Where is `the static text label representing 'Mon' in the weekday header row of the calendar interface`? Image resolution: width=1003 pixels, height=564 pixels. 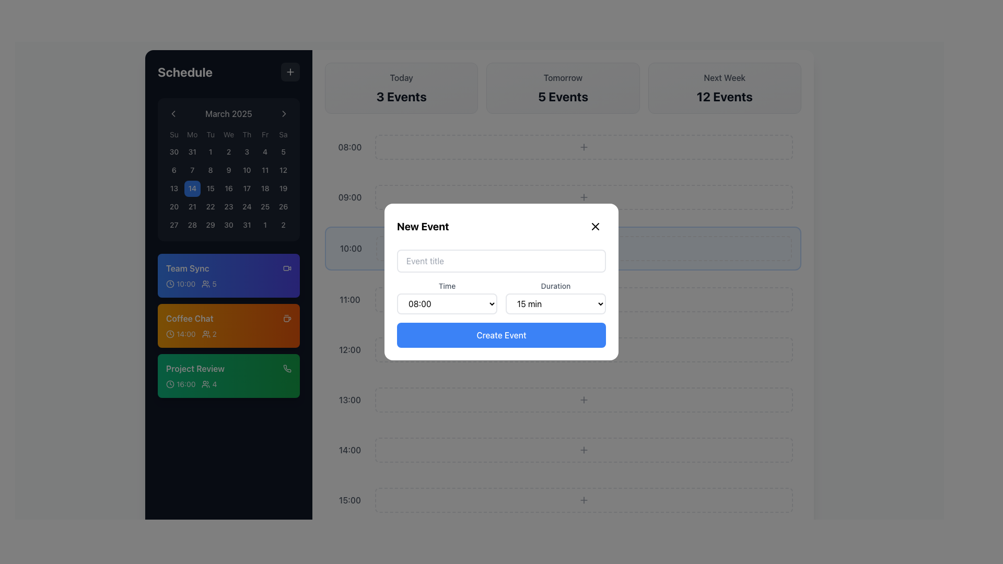
the static text label representing 'Mon' in the weekday header row of the calendar interface is located at coordinates (192, 134).